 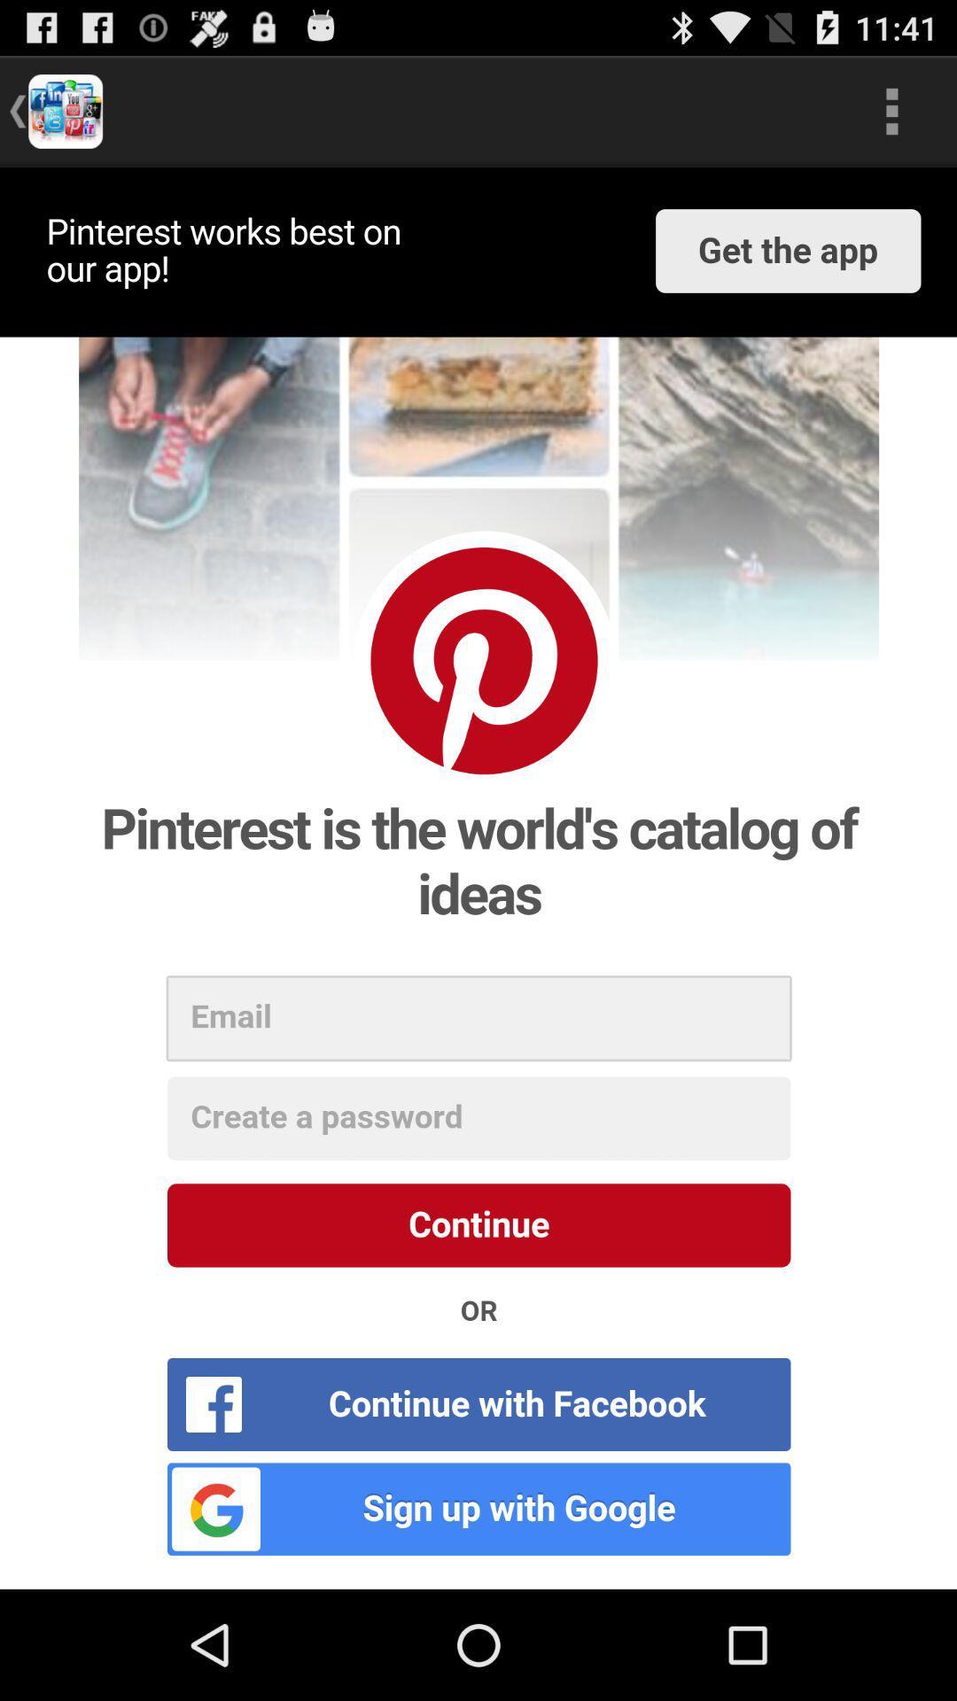 What do you see at coordinates (478, 878) in the screenshot?
I see `use pinterest` at bounding box center [478, 878].